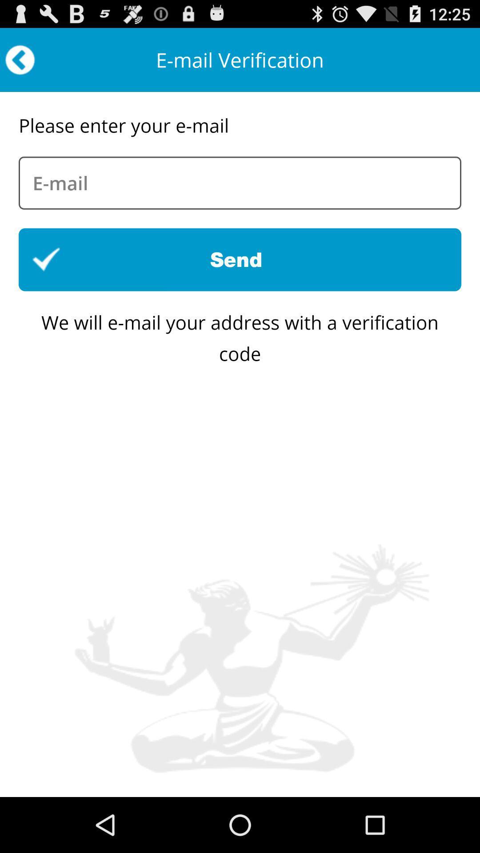  I want to click on email address, so click(240, 183).